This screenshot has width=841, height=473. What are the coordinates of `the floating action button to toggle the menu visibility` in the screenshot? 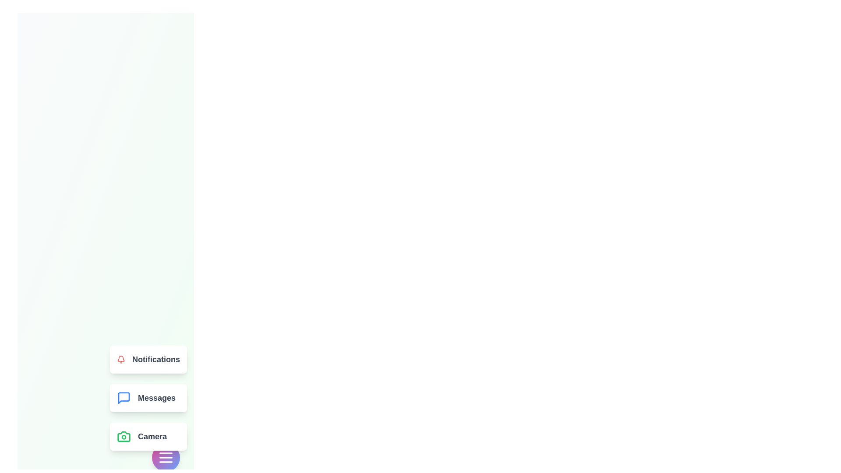 It's located at (166, 457).